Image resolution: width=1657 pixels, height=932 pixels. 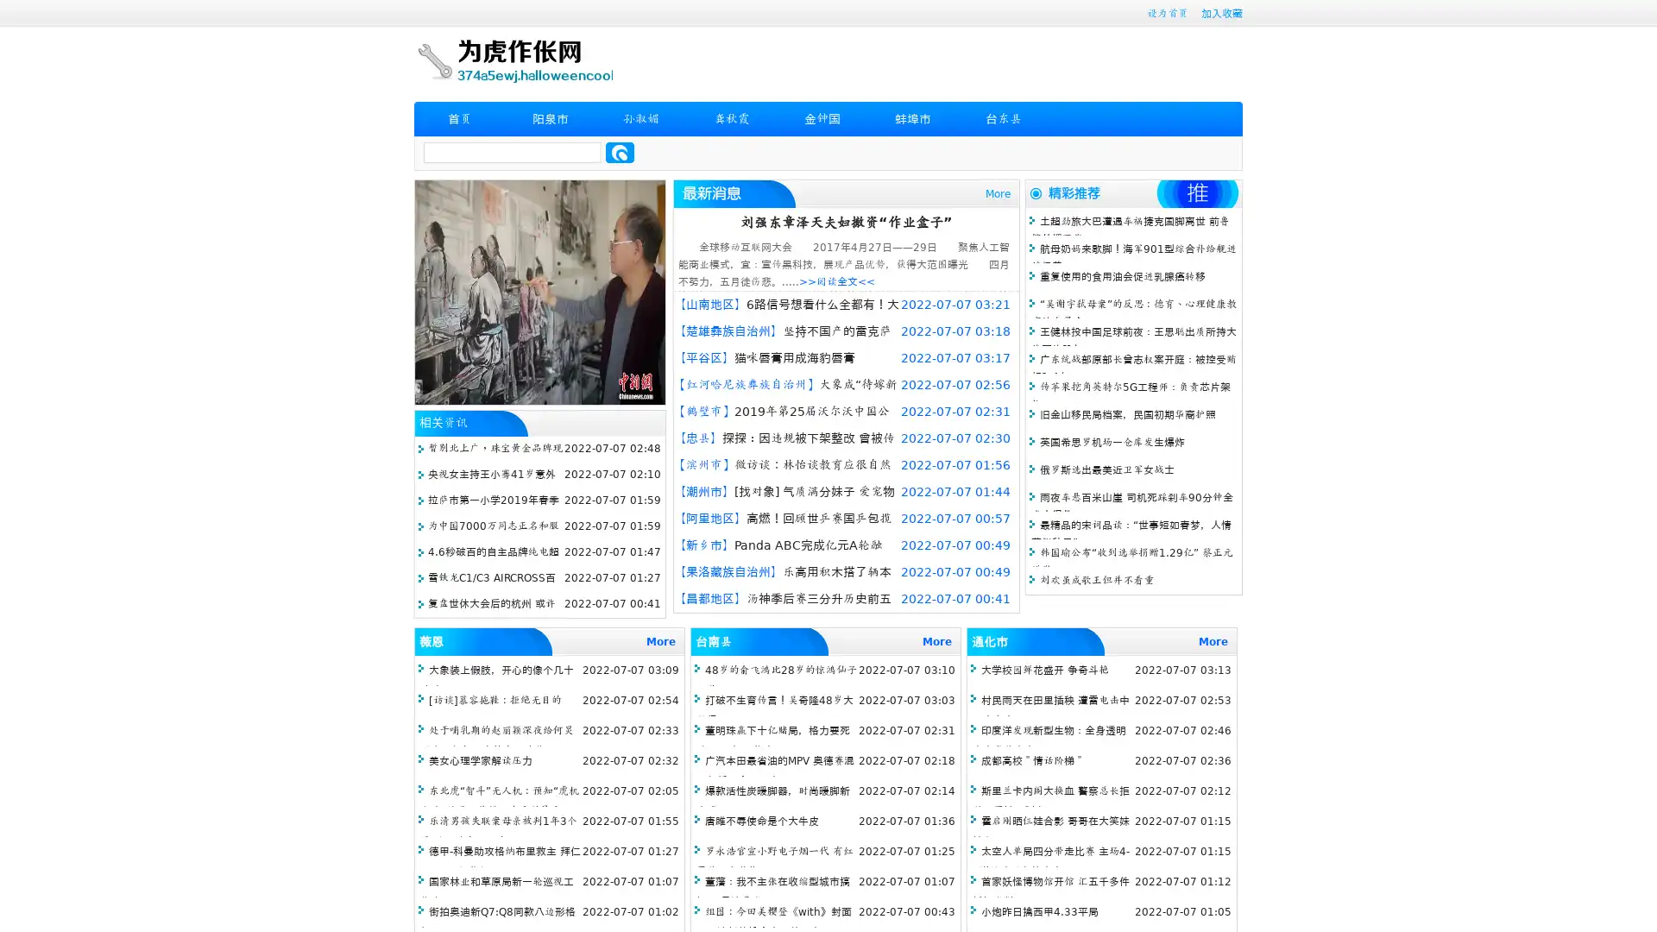 What do you see at coordinates (620, 152) in the screenshot?
I see `Search` at bounding box center [620, 152].